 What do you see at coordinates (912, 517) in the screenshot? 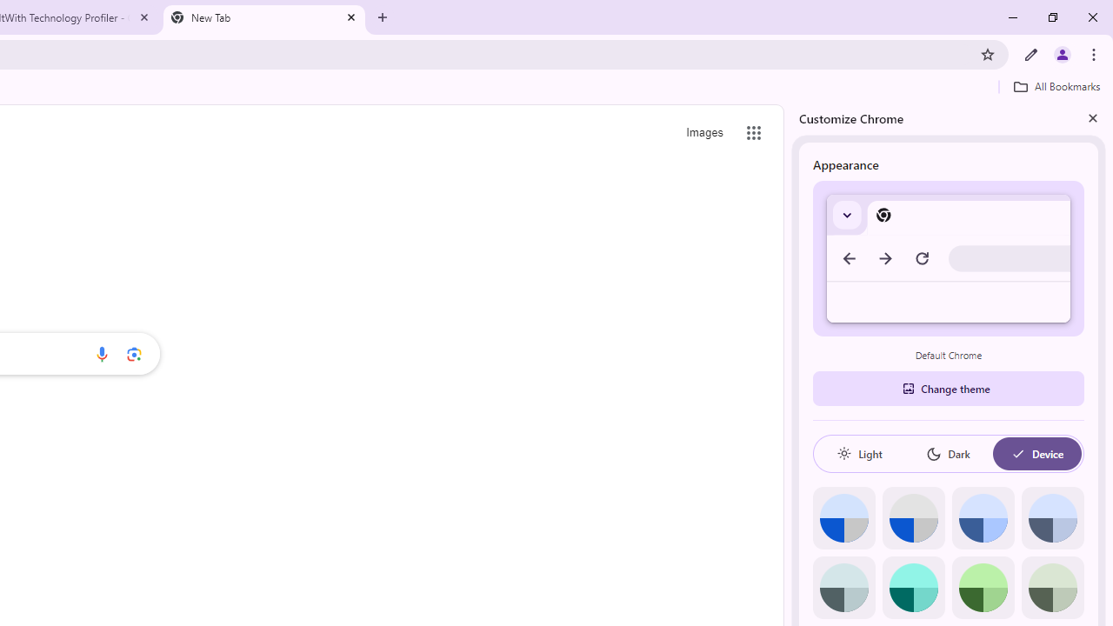
I see `'Grey default color'` at bounding box center [912, 517].